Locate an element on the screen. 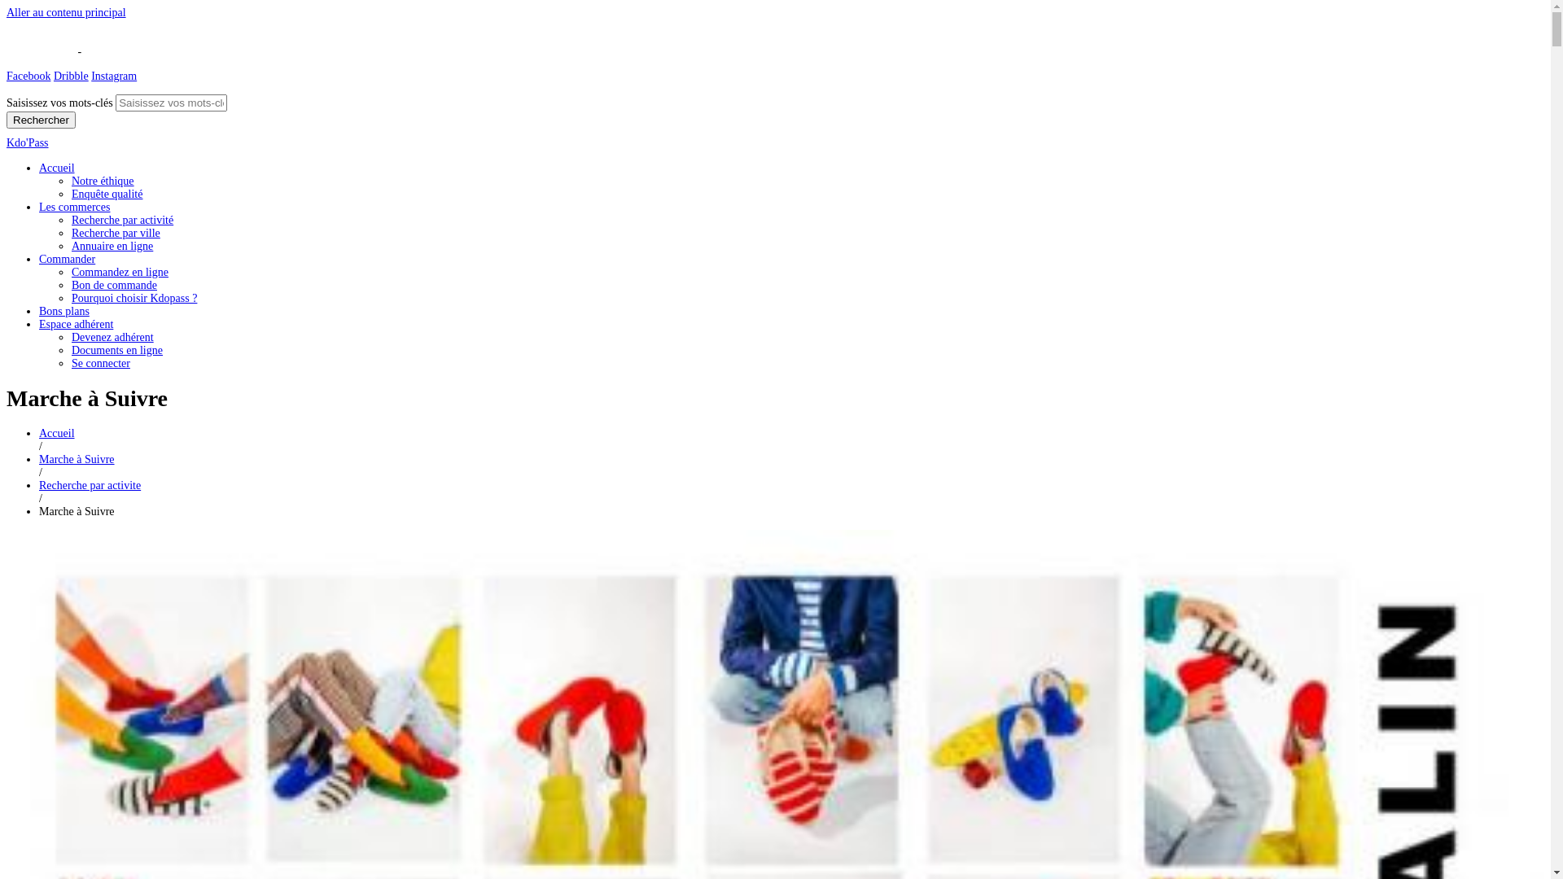 The height and width of the screenshot is (879, 1563). 'Facebook' is located at coordinates (28, 76).